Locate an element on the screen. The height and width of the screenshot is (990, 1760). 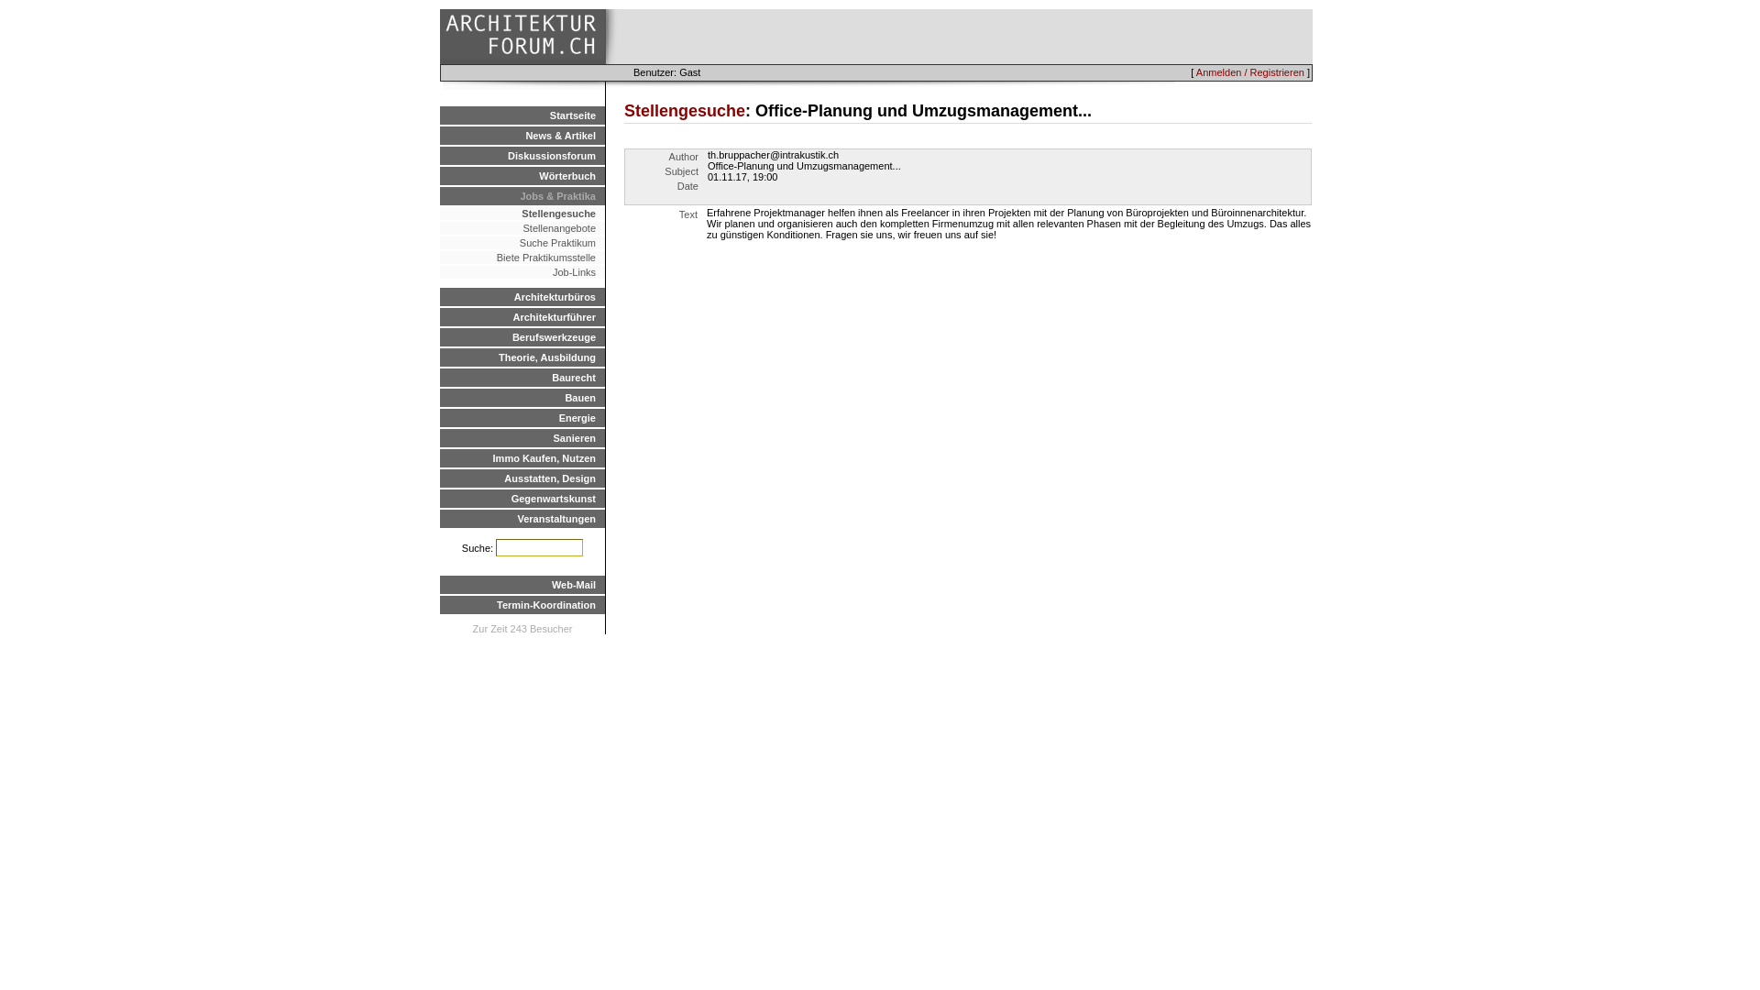
'Sanieren' is located at coordinates (522, 438).